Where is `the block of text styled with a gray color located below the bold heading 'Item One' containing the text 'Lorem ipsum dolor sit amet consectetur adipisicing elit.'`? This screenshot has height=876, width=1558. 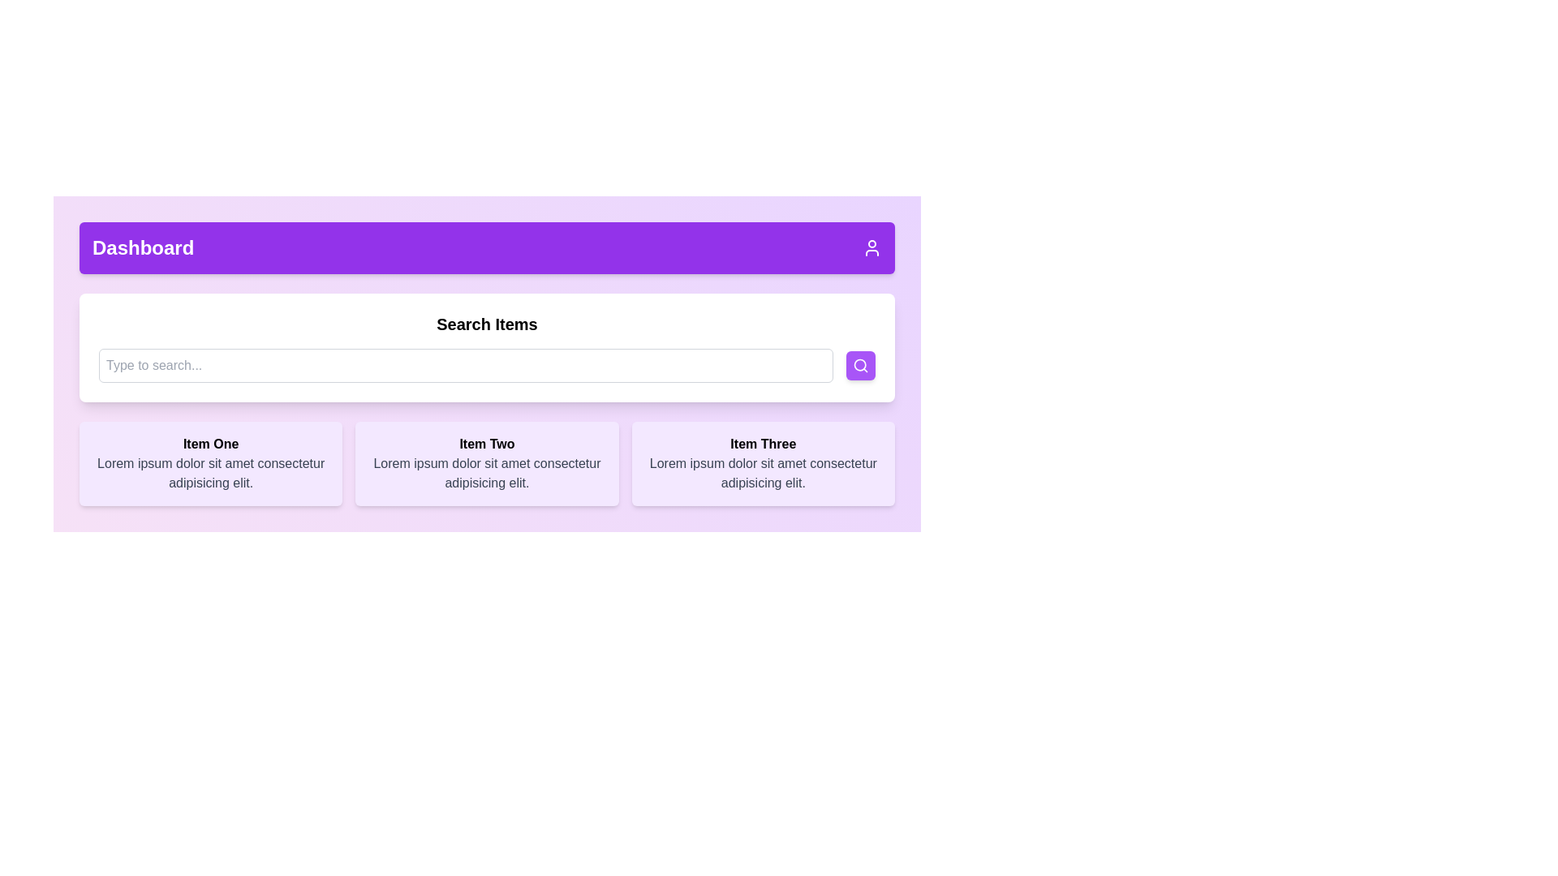
the block of text styled with a gray color located below the bold heading 'Item One' containing the text 'Lorem ipsum dolor sit amet consectetur adipisicing elit.' is located at coordinates (210, 473).